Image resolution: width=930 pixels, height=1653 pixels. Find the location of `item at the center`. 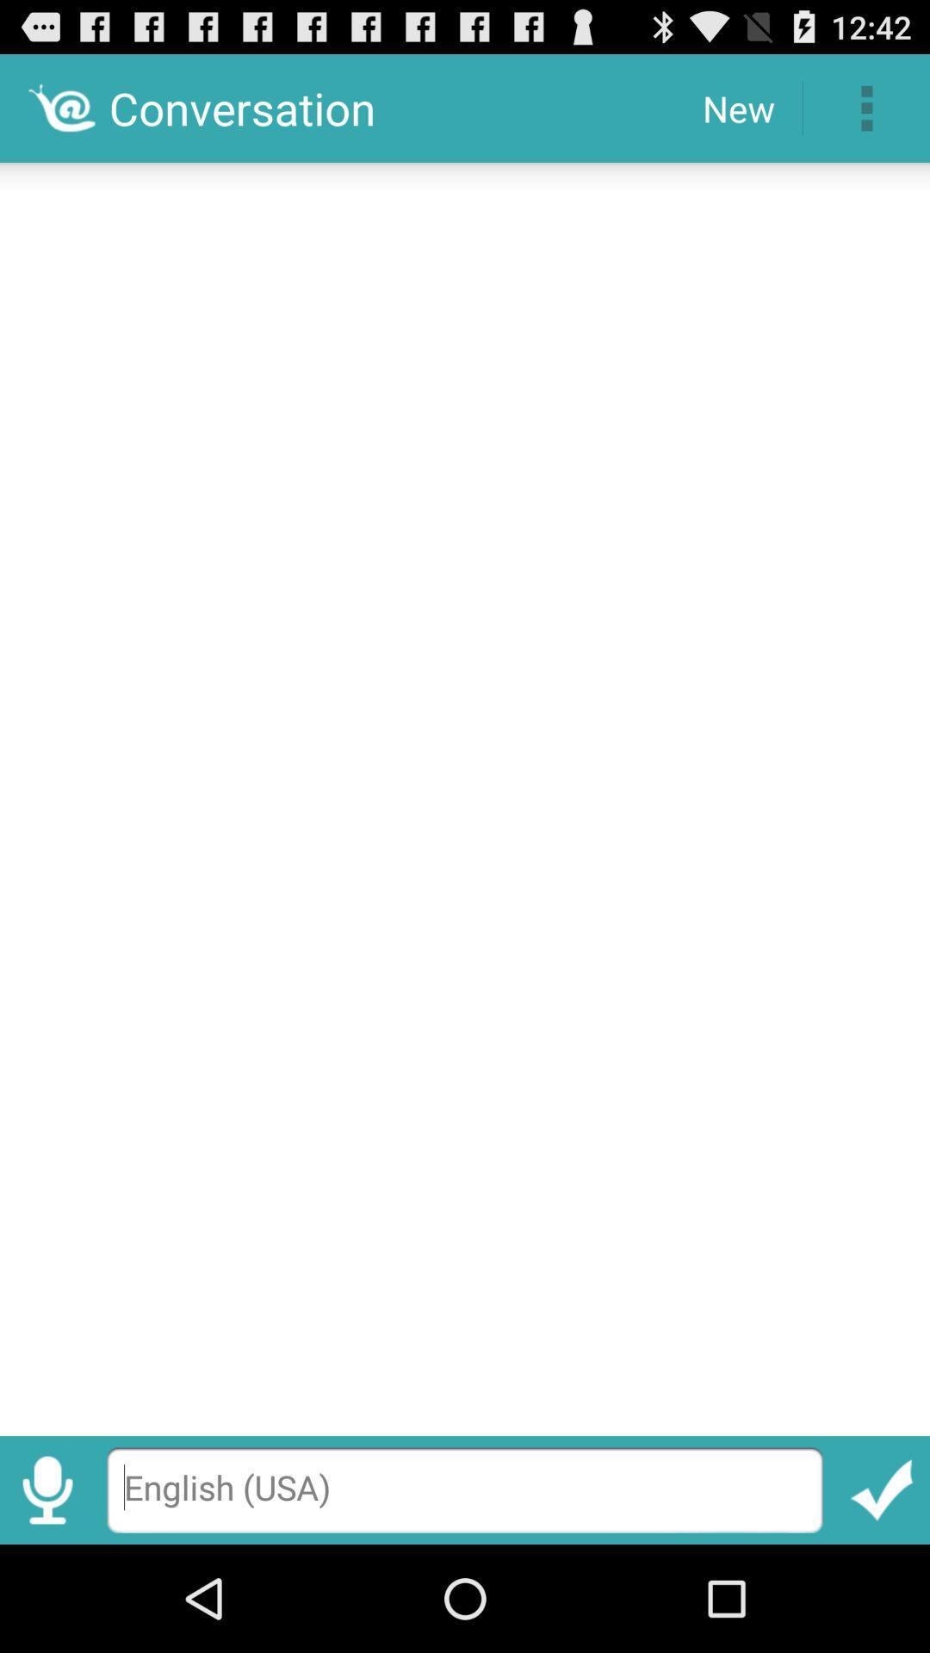

item at the center is located at coordinates (465, 792).